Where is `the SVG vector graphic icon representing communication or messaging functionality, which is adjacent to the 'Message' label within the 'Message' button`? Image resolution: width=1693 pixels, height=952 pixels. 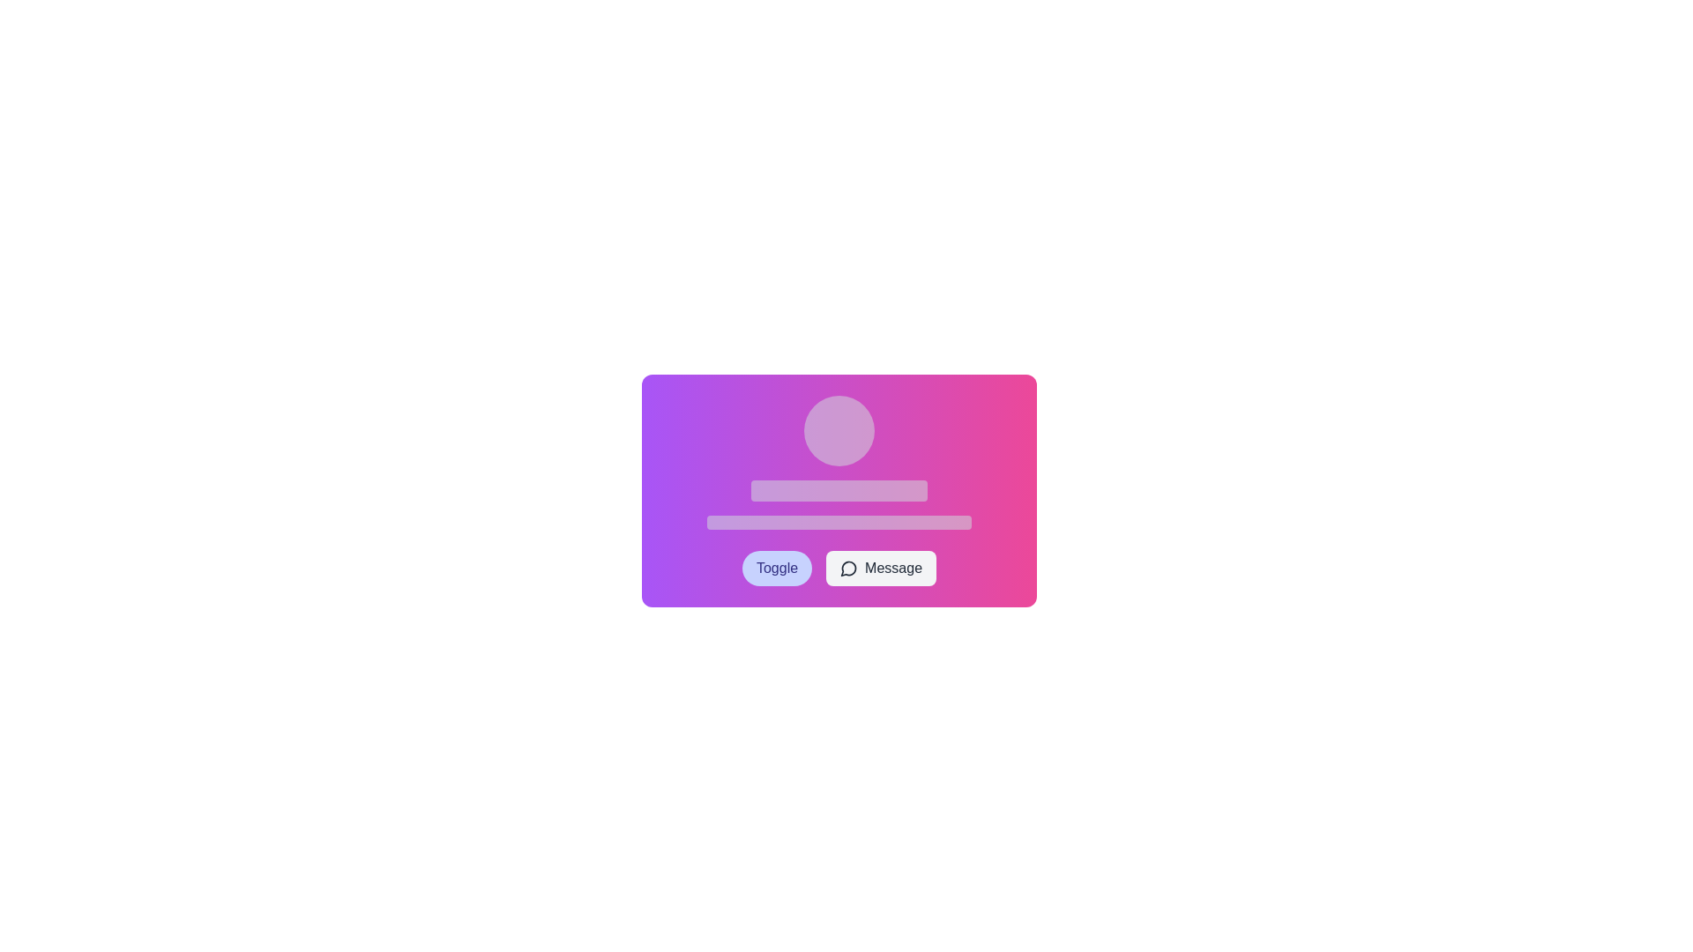
the SVG vector graphic icon representing communication or messaging functionality, which is adjacent to the 'Message' label within the 'Message' button is located at coordinates (848, 569).